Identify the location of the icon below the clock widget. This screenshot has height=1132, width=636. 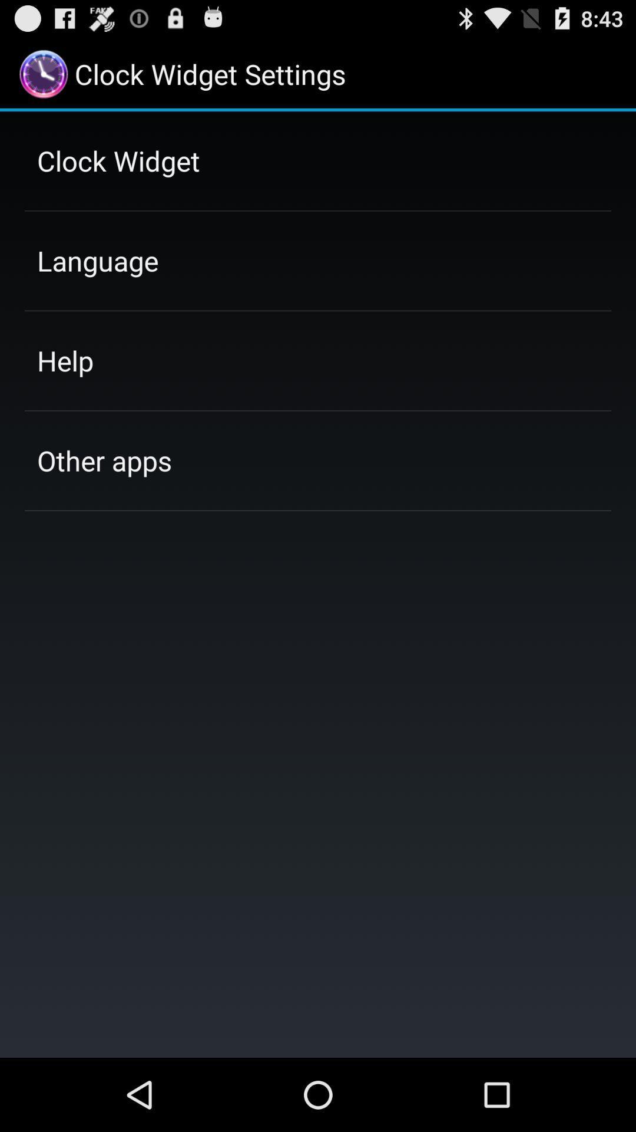
(97, 260).